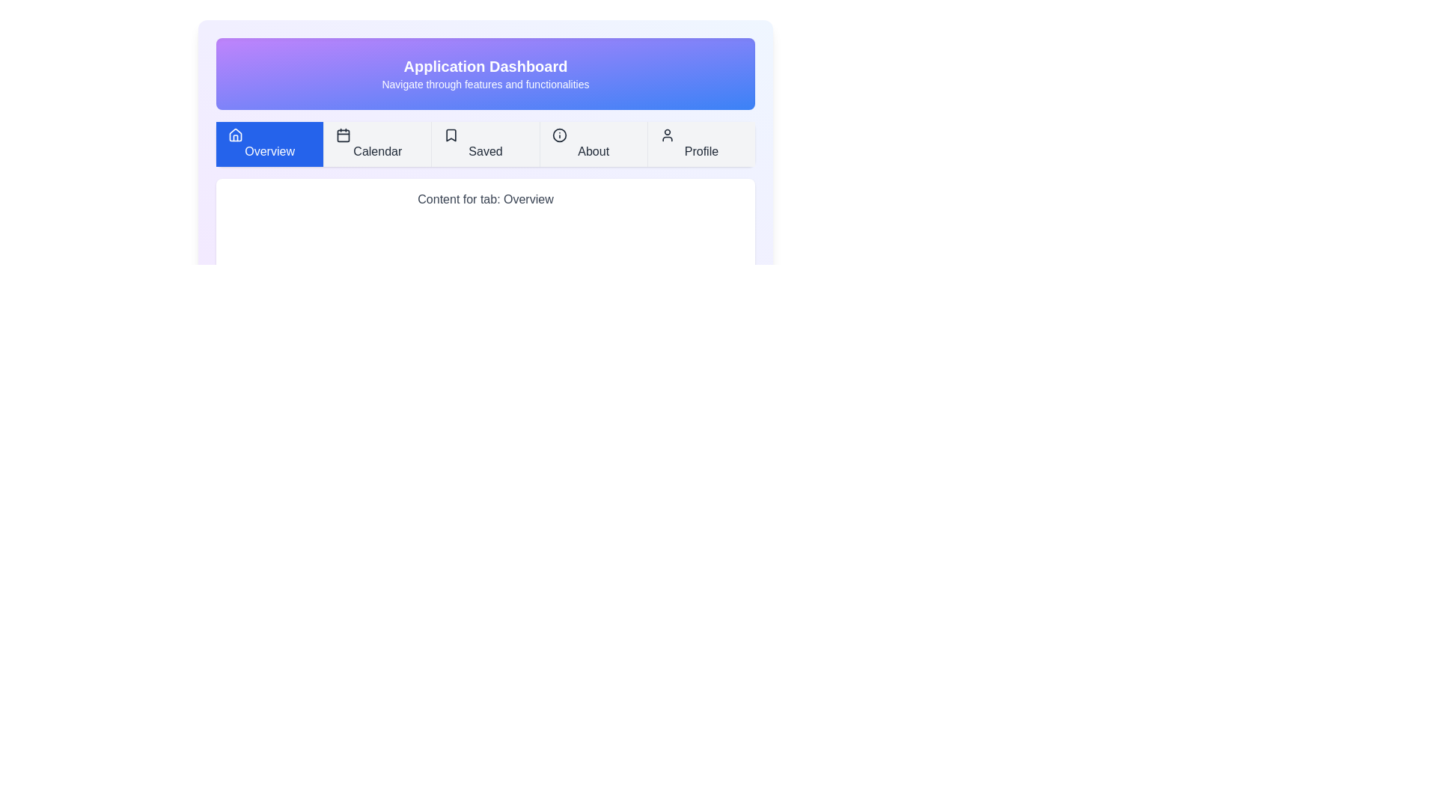 Image resolution: width=1437 pixels, height=808 pixels. What do you see at coordinates (485, 74) in the screenshot?
I see `the gradient rectangular Header element containing the title 'Application Dashboard' and subtitle 'Navigate through features and functionalities.'` at bounding box center [485, 74].